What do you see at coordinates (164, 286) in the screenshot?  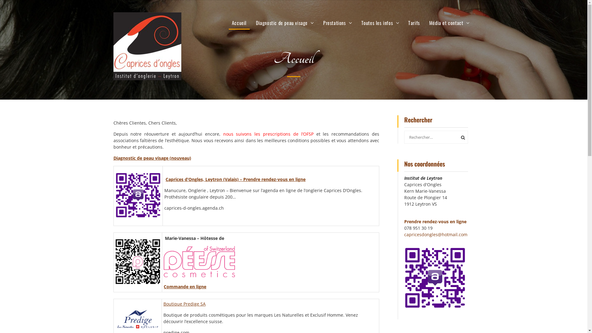 I see `'Commande en ligne'` at bounding box center [164, 286].